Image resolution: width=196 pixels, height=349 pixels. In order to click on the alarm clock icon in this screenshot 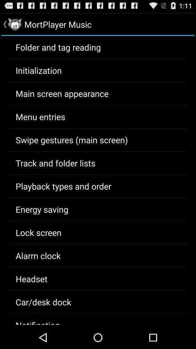, I will do `click(38, 256)`.